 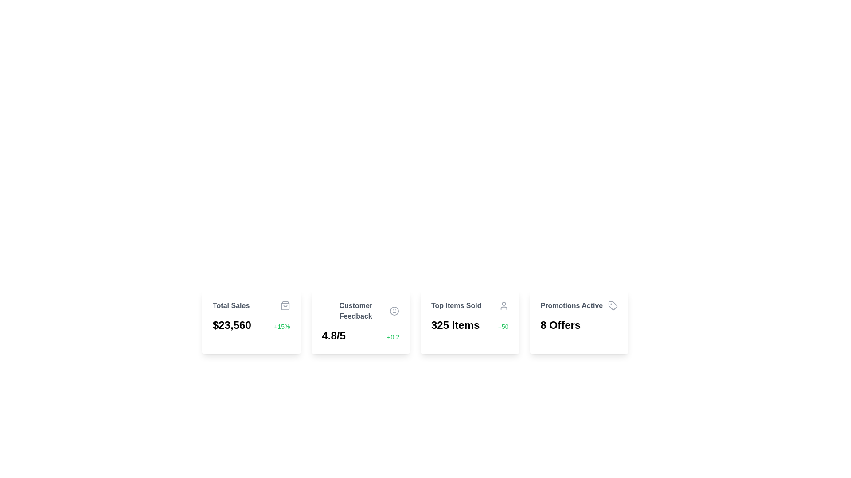 What do you see at coordinates (469, 325) in the screenshot?
I see `the Text Component displaying '325 Items' with '+50' within the 'Top Items Sold' card, positioned below the card title and to the right of a small icon` at bounding box center [469, 325].